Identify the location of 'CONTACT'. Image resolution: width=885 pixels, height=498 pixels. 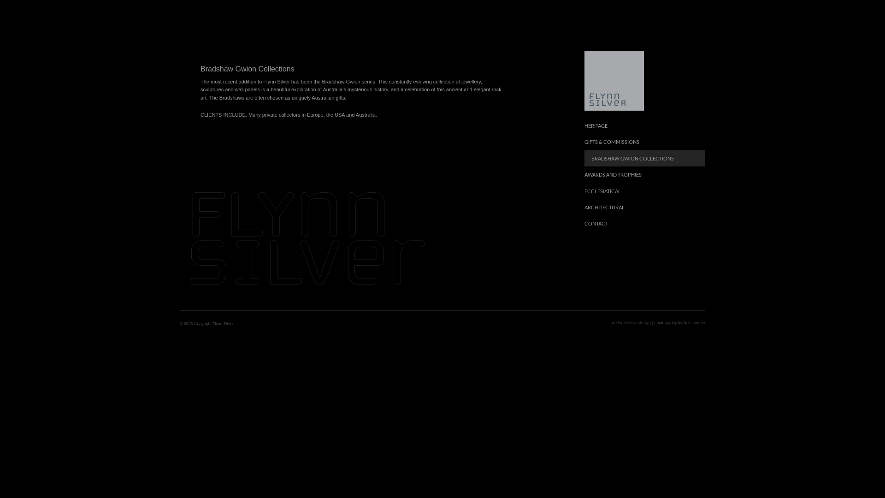
(644, 223).